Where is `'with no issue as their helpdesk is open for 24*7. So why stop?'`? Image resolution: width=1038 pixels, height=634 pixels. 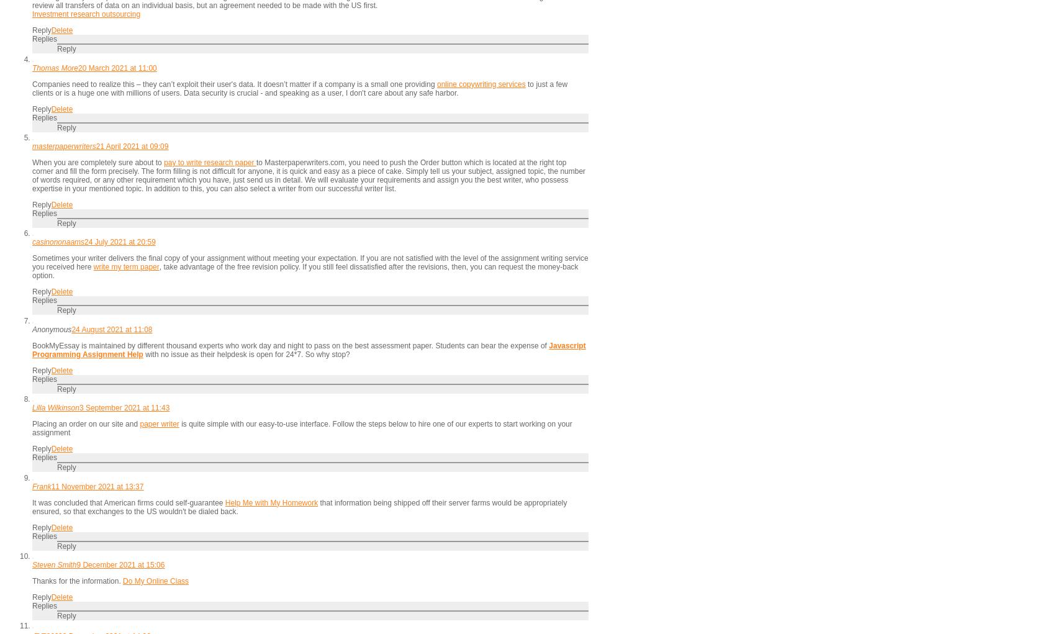 'with no issue as their helpdesk is open for 24*7. So why stop?' is located at coordinates (245, 353).